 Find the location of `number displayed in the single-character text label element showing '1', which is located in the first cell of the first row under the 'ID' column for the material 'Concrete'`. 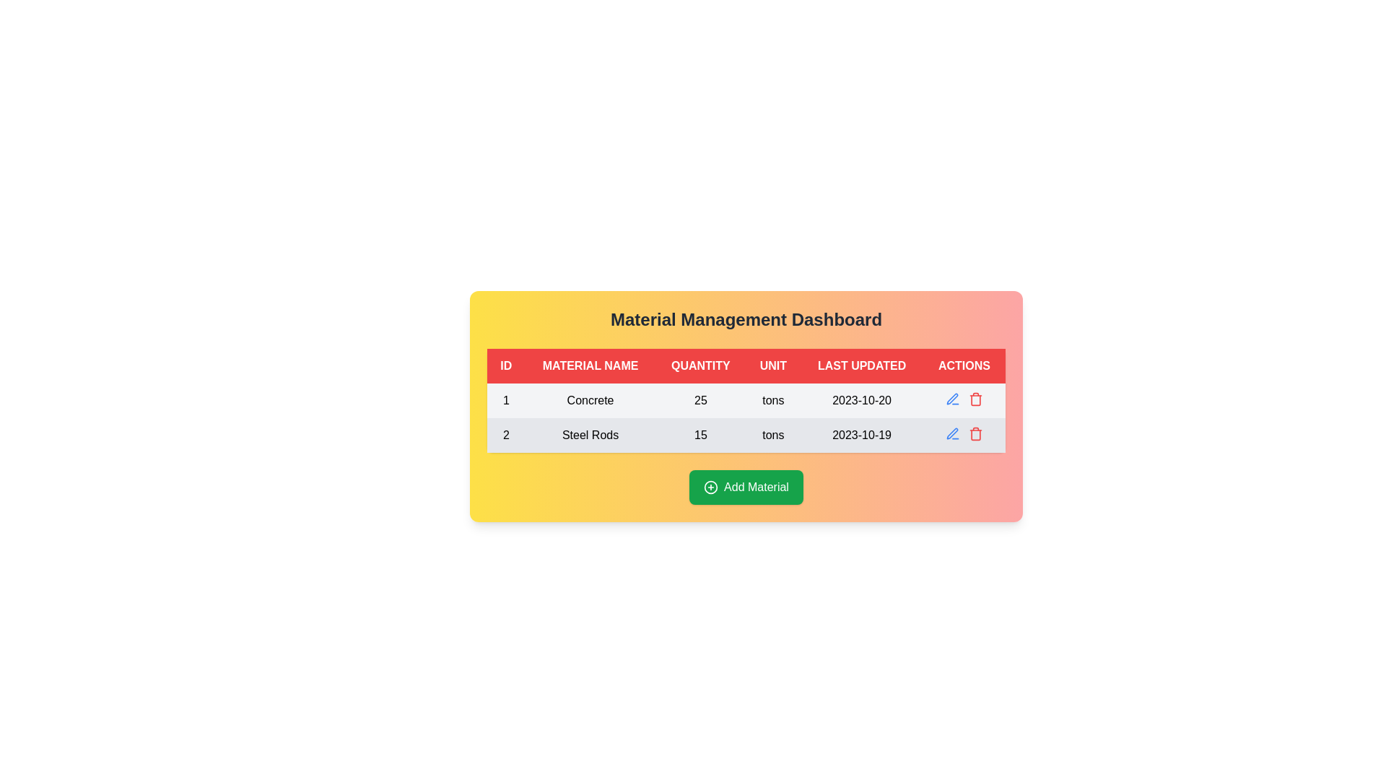

number displayed in the single-character text label element showing '1', which is located in the first cell of the first row under the 'ID' column for the material 'Concrete' is located at coordinates (506, 401).